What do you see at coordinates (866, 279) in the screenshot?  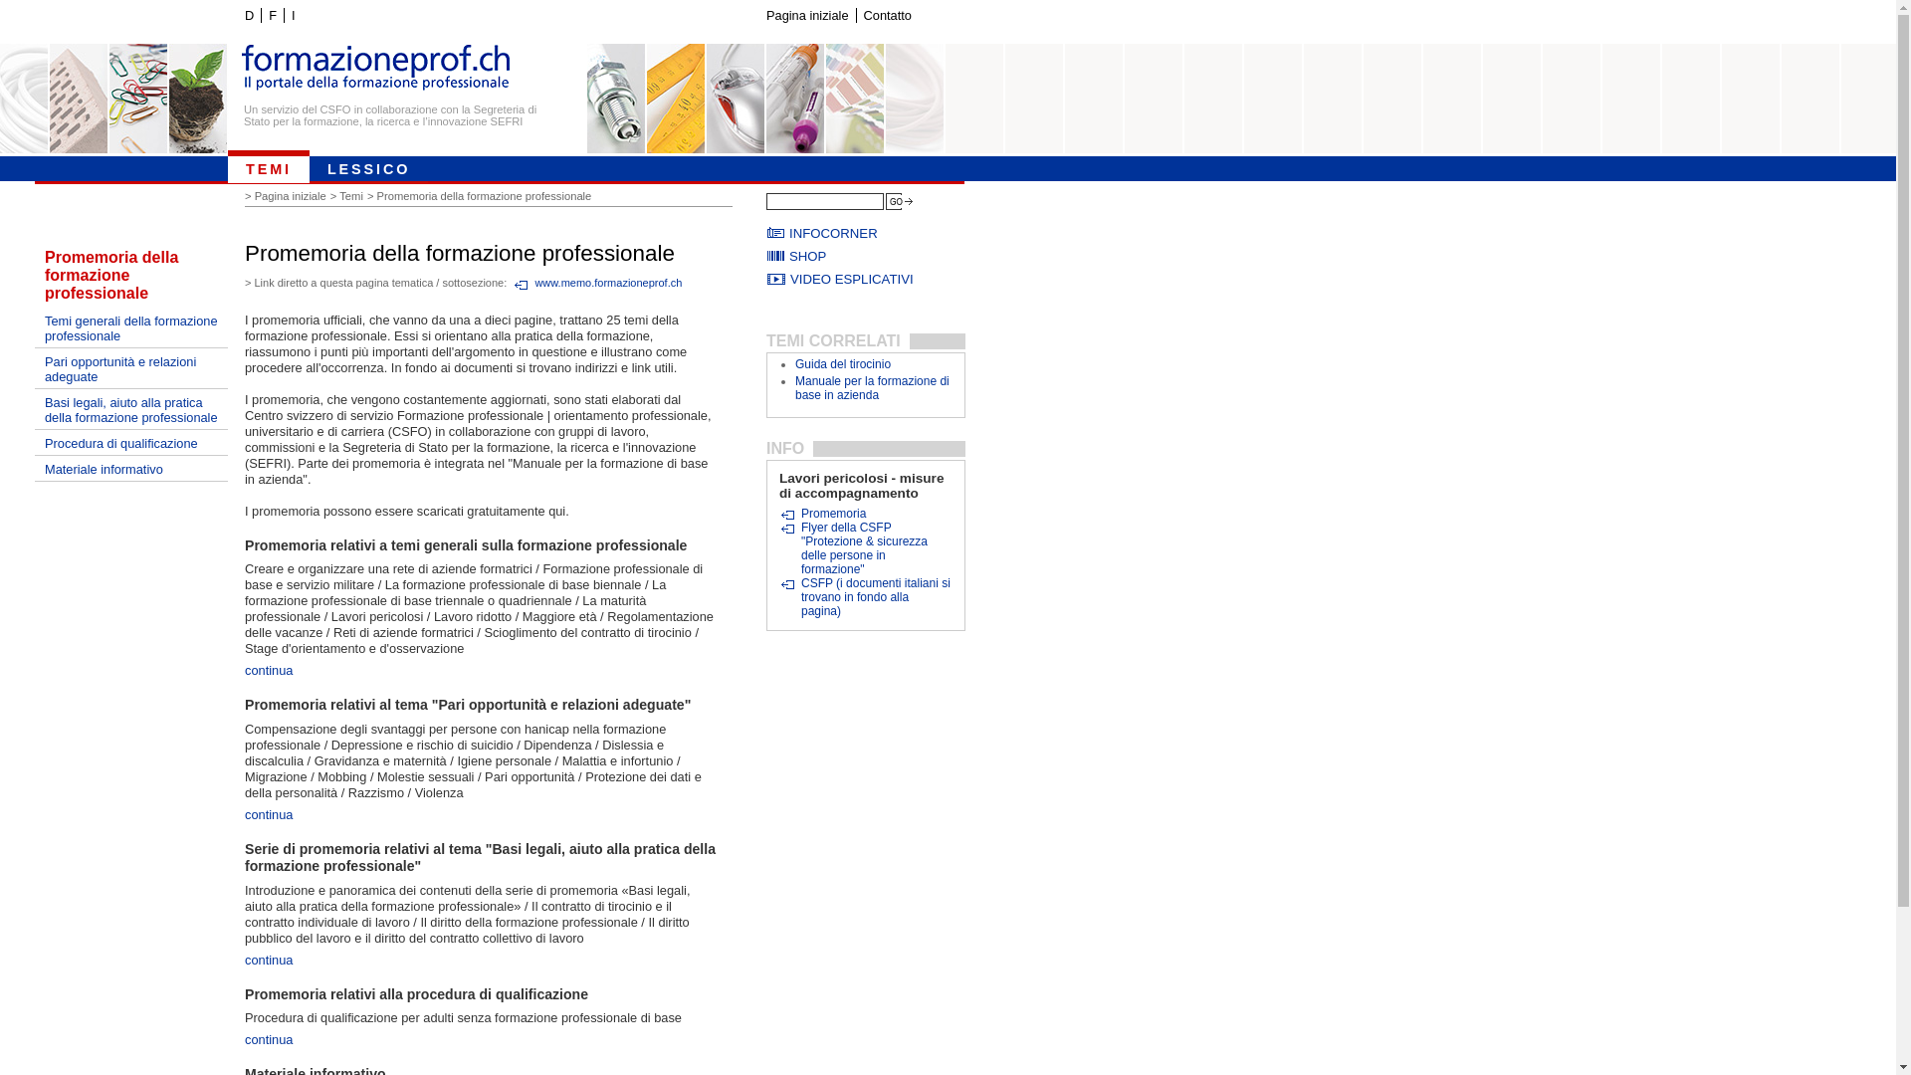 I see `'VIDEO ESPLICATIVI'` at bounding box center [866, 279].